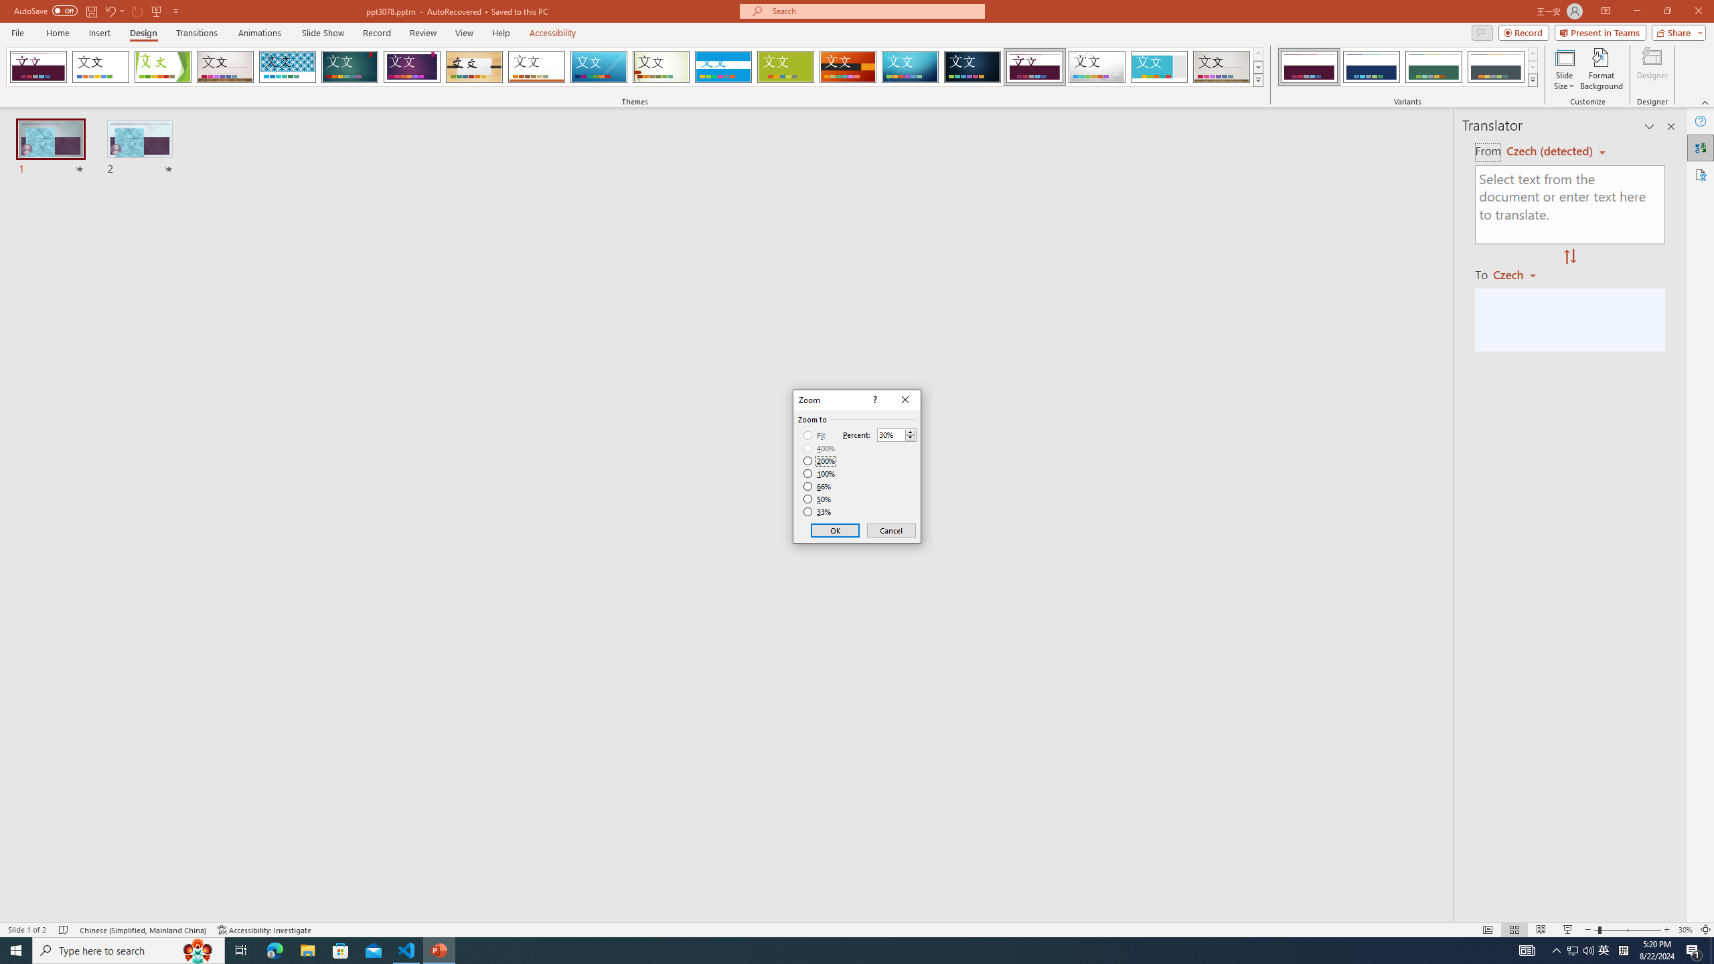 The height and width of the screenshot is (964, 1714). I want to click on 'Czech', so click(1520, 274).